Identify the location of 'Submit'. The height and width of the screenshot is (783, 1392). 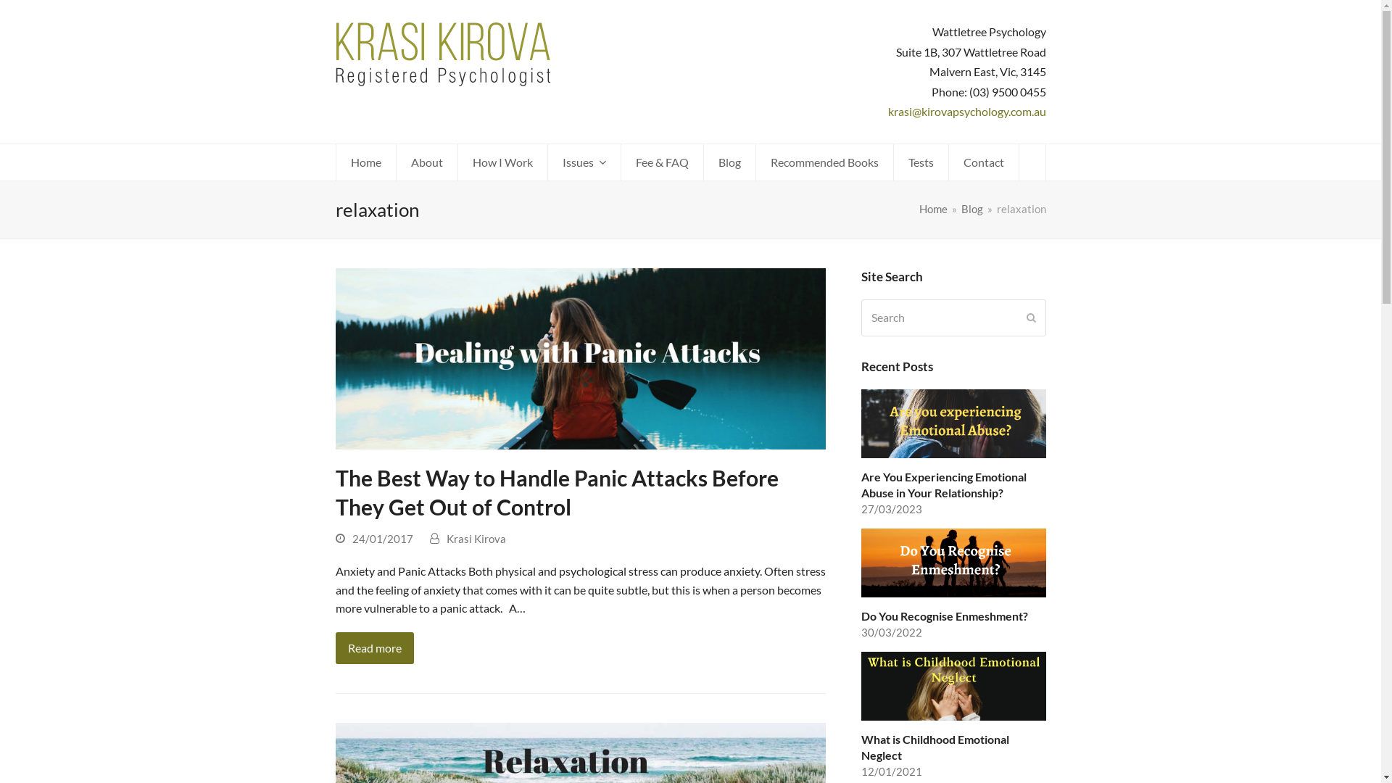
(1026, 317).